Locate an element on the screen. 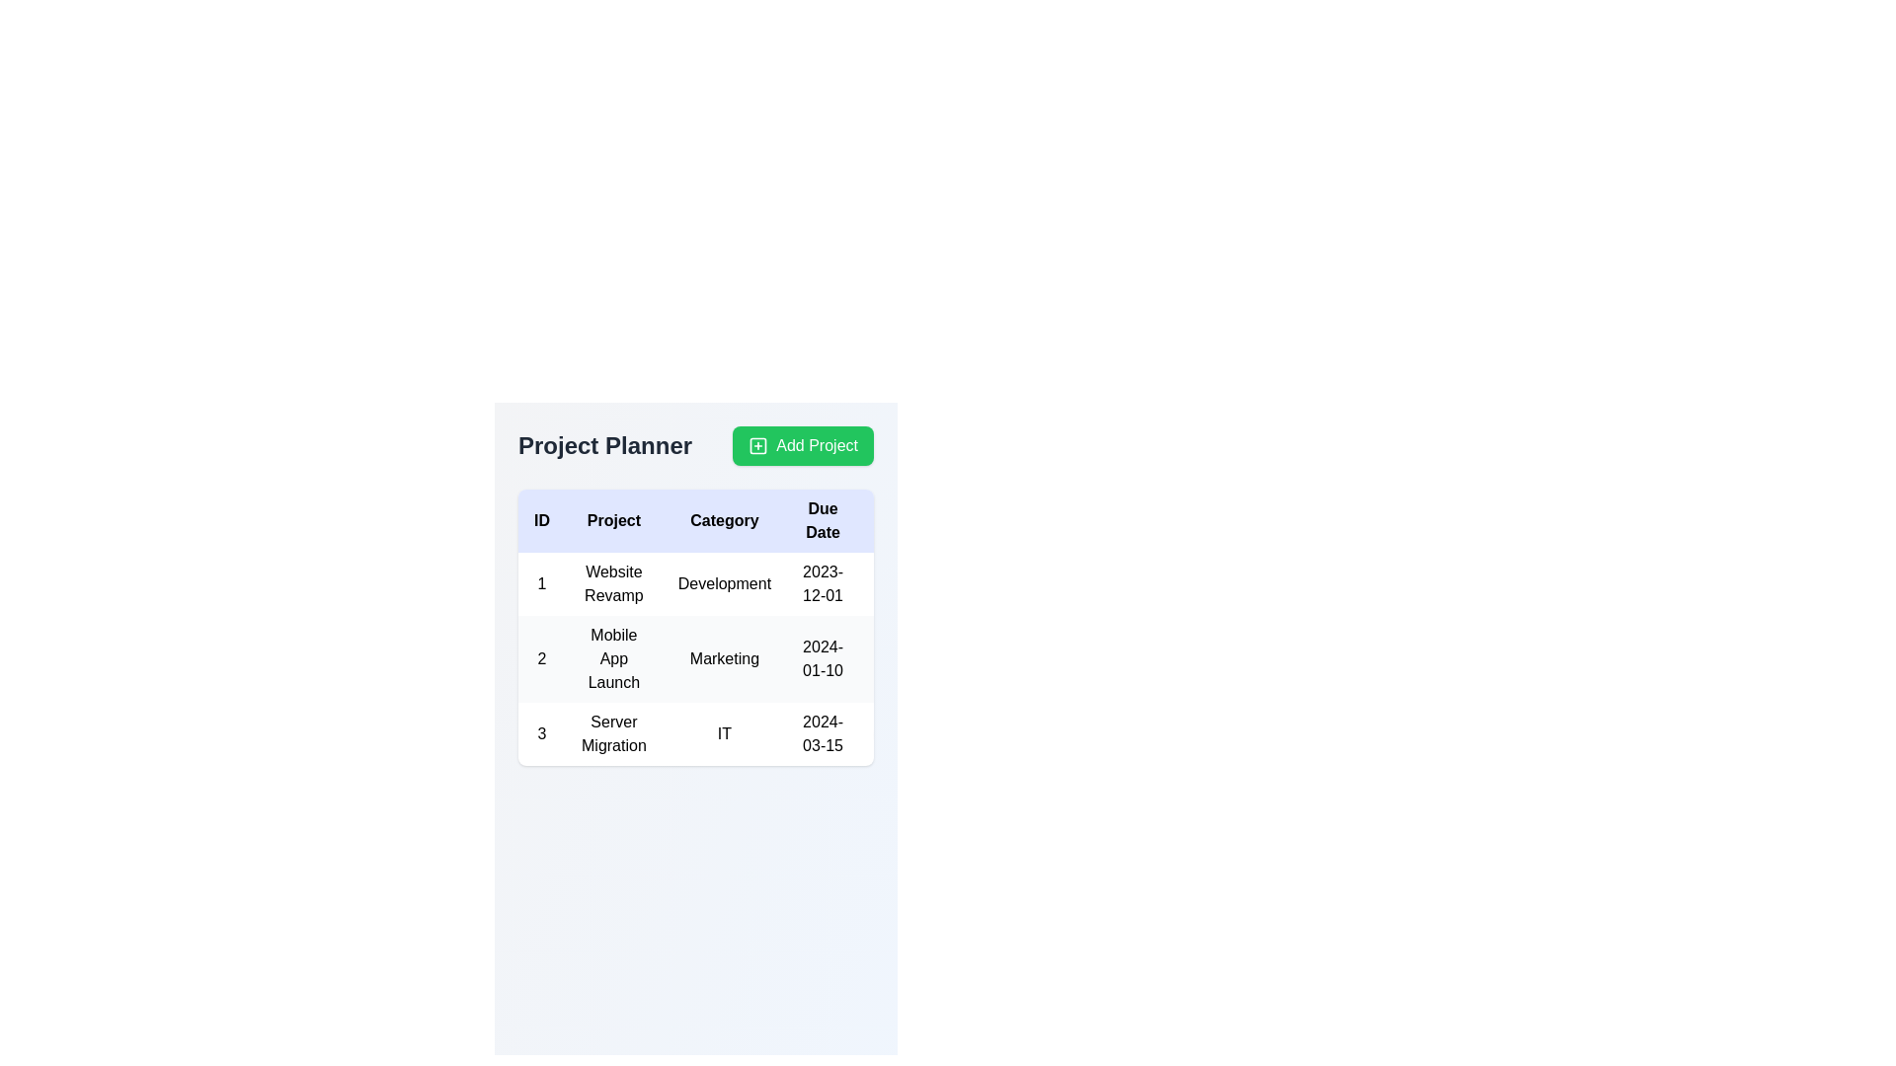 This screenshot has width=1896, height=1066. the second row of the table summarizing the 'Mobile App Launch' project is located at coordinates (801, 658).